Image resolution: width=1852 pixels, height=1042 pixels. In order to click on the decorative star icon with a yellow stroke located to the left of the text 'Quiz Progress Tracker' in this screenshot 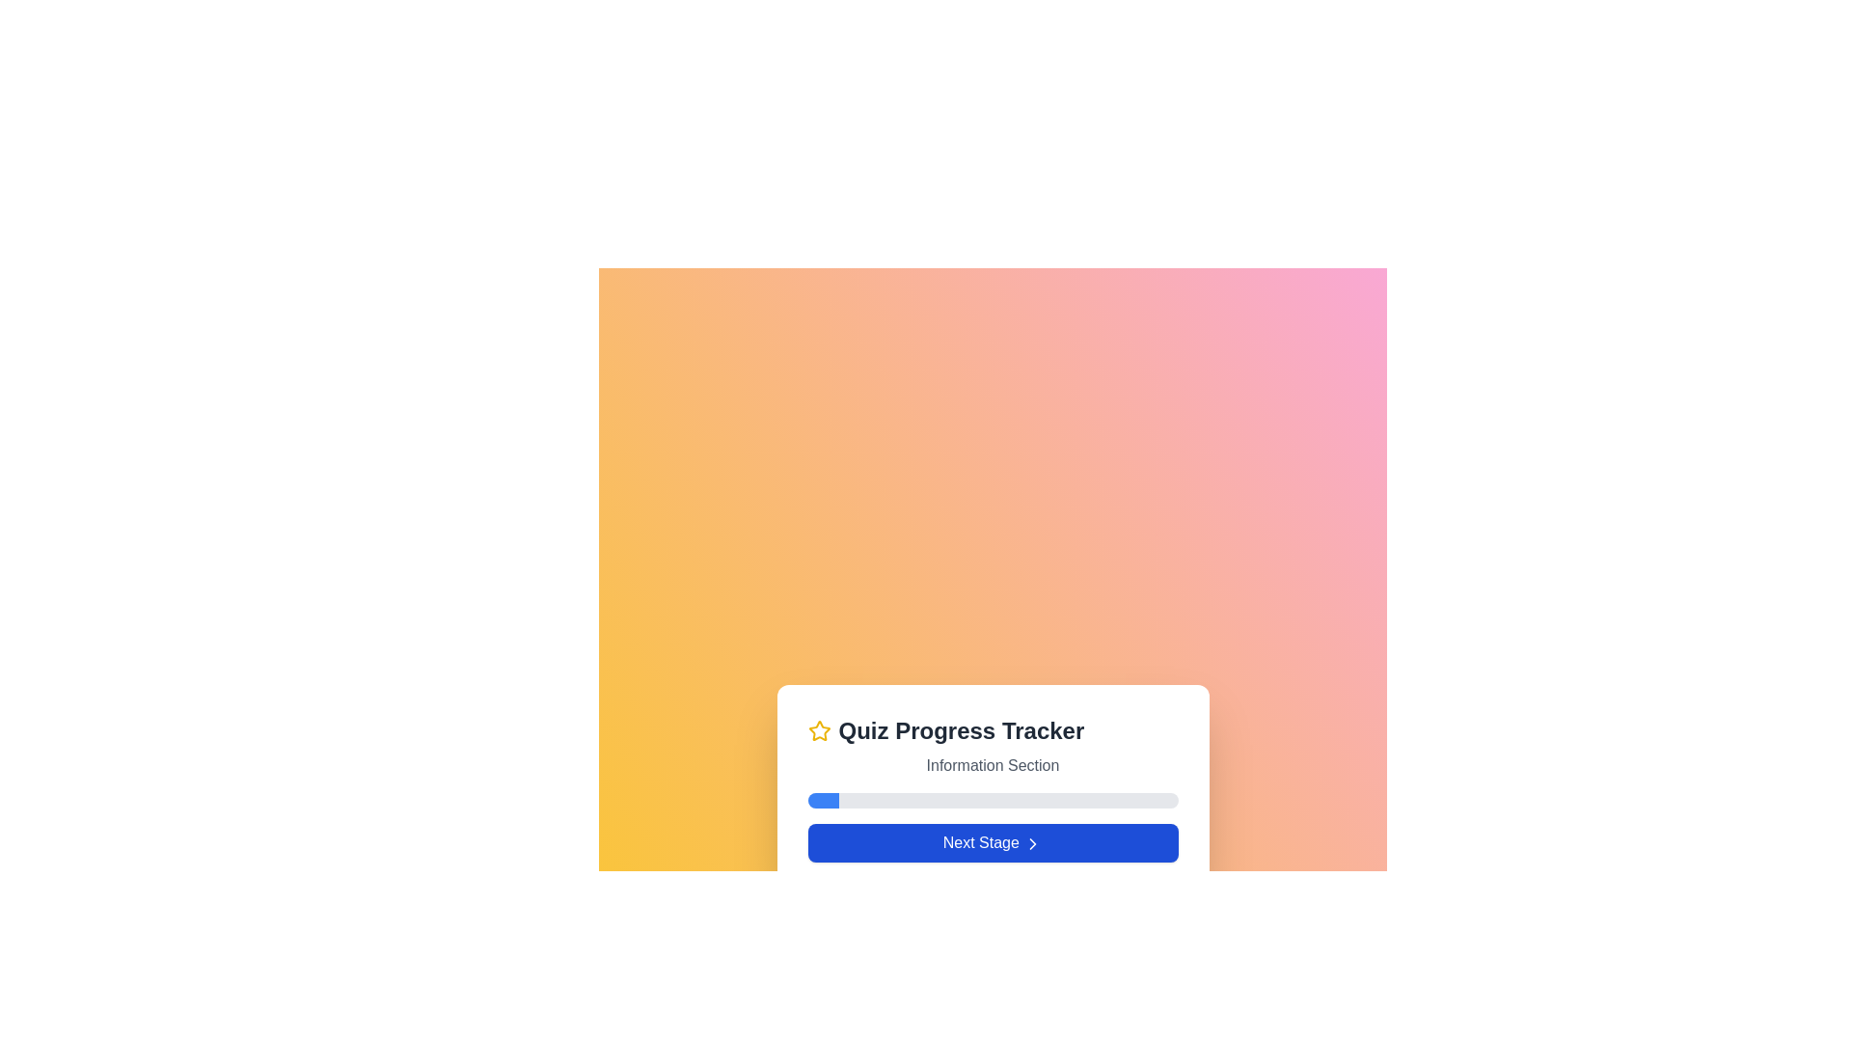, I will do `click(819, 731)`.